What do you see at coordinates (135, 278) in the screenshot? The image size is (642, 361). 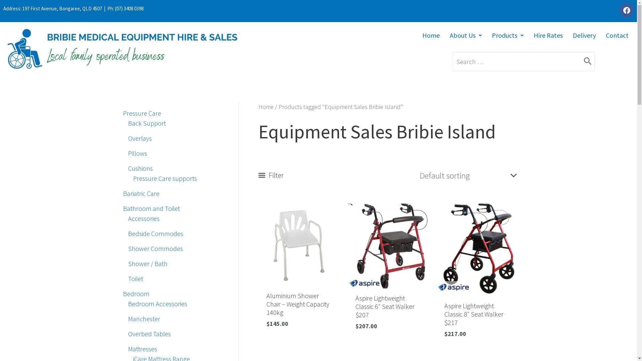 I see `'Toilet'` at bounding box center [135, 278].